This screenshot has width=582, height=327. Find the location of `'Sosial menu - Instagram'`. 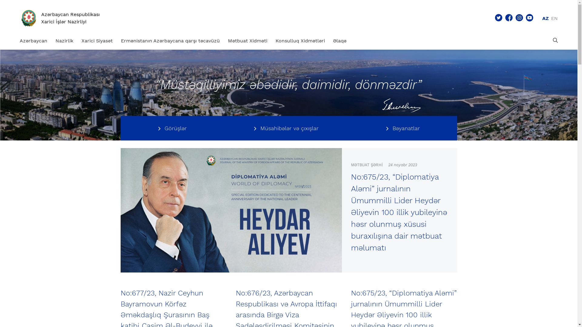

'Sosial menu - Instagram' is located at coordinates (519, 18).